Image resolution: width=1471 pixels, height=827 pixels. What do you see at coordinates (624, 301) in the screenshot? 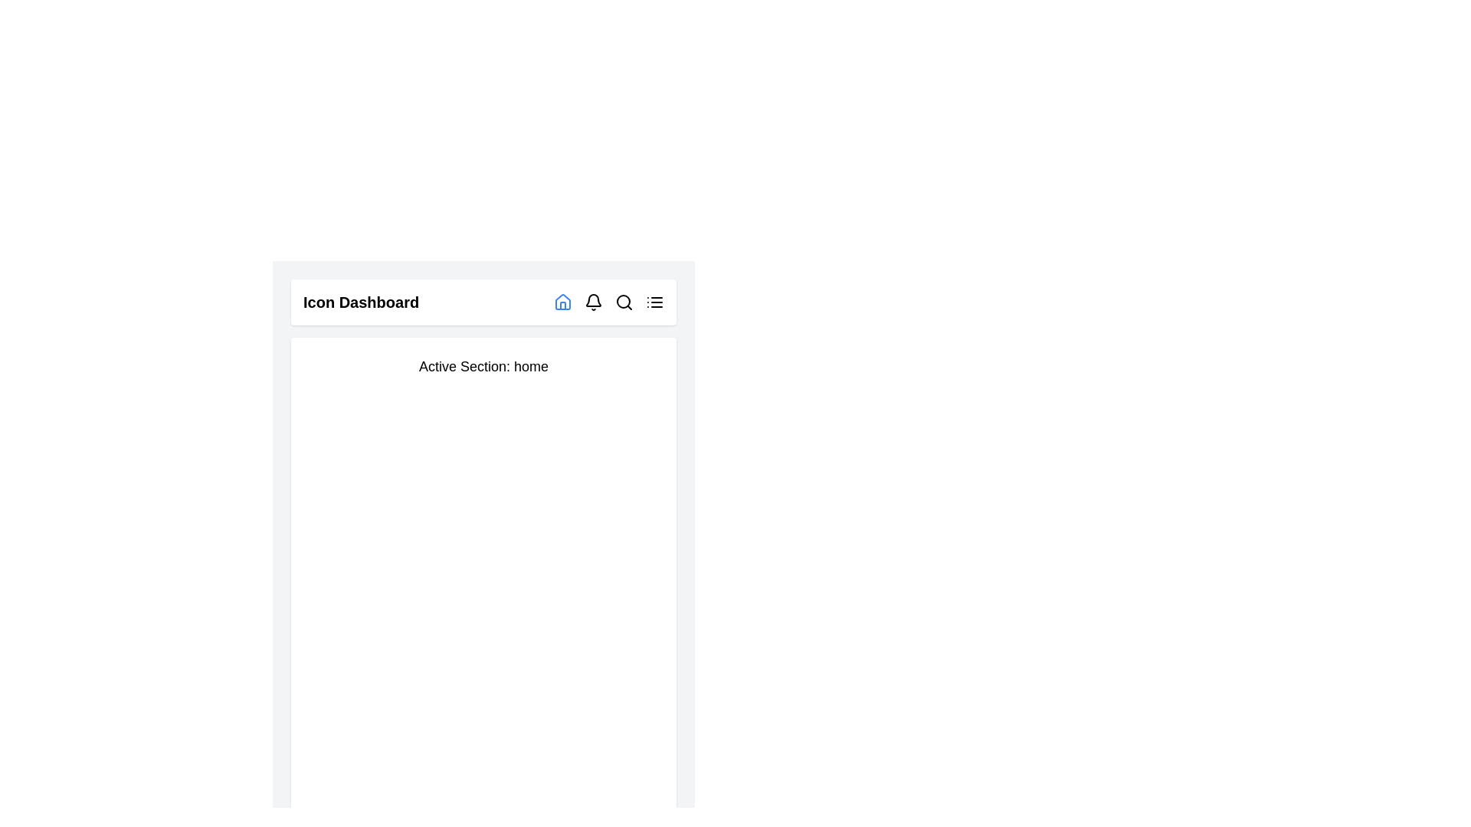
I see `the search icon's lens represented by the SVG circle element to initiate the search functionality` at bounding box center [624, 301].